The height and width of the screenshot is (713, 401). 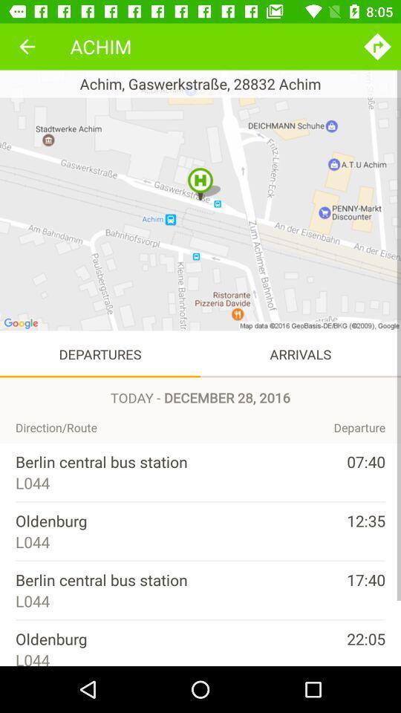 I want to click on icon to the left of the achim item, so click(x=27, y=46).